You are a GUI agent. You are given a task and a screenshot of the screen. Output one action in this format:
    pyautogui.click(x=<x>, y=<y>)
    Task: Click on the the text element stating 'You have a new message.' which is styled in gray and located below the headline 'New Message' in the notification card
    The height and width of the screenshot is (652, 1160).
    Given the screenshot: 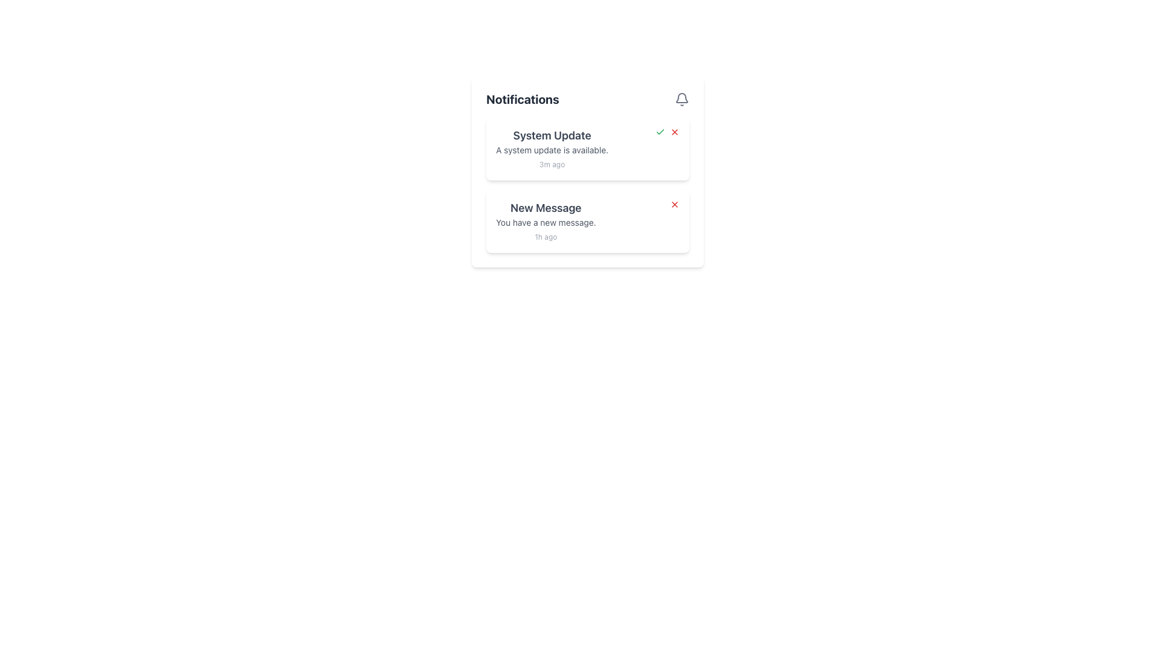 What is the action you would take?
    pyautogui.click(x=545, y=223)
    